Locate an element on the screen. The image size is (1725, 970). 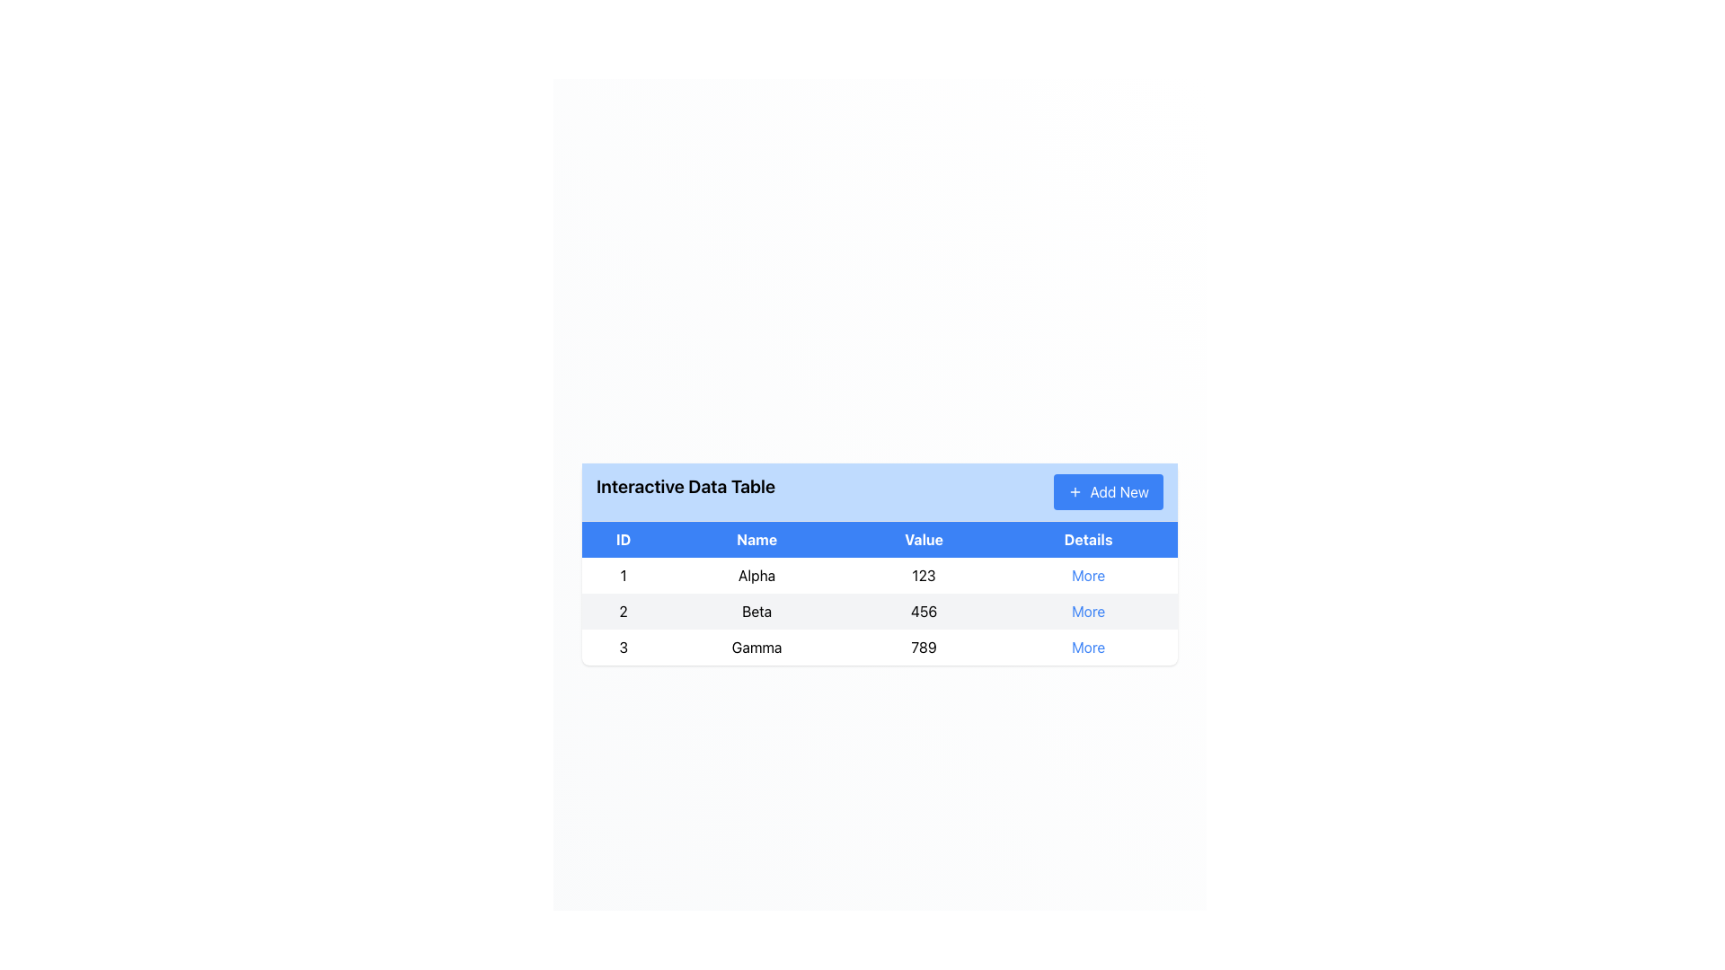
the Text Label in the first column of the third row of the table, which shows the ID or index number for row identification is located at coordinates (624, 647).